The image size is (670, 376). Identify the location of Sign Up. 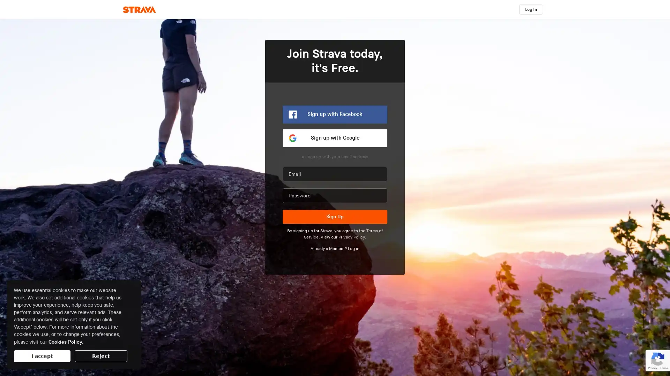
(335, 217).